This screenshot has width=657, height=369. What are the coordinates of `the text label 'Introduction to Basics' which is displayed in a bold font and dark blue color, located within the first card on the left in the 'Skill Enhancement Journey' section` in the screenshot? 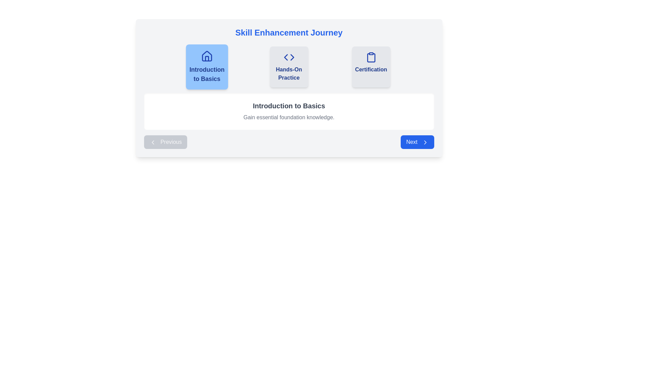 It's located at (206, 74).